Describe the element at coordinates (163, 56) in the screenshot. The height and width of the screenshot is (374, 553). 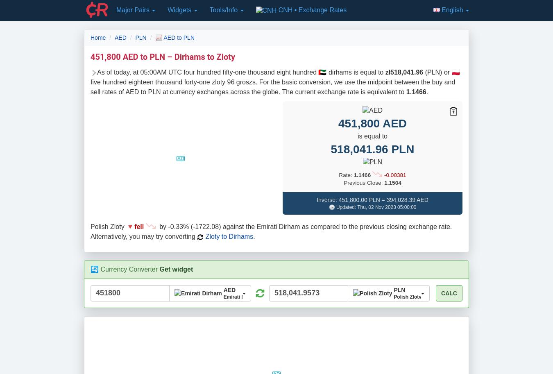
I see `'451,800 AED to PLN – Dirhams to Zloty'` at that location.